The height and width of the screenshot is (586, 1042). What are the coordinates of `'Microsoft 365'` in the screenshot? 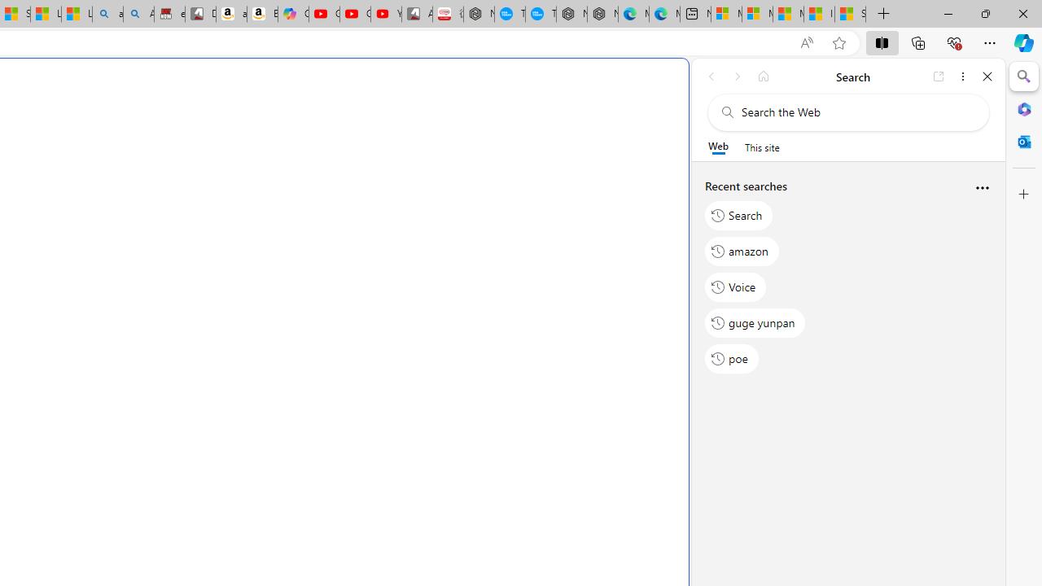 It's located at (1023, 108).